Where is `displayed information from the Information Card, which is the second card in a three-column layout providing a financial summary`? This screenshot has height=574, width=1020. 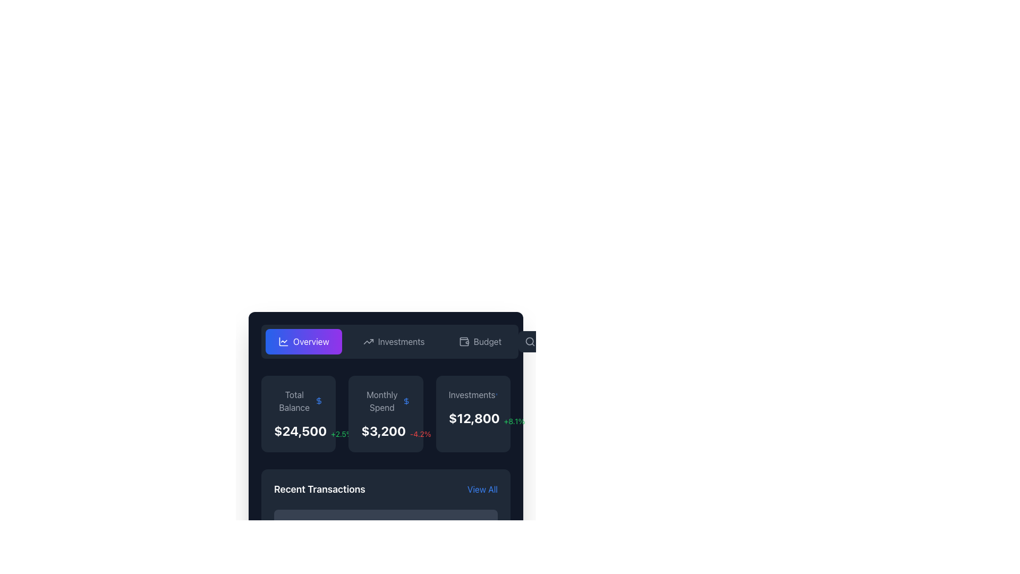
displayed information from the Information Card, which is the second card in a three-column layout providing a financial summary is located at coordinates (385, 413).